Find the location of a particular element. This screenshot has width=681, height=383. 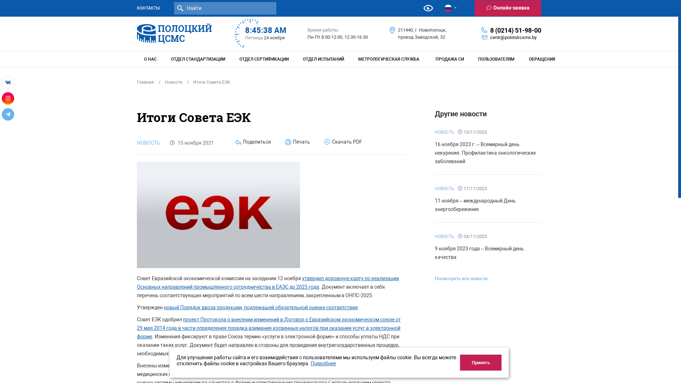

'8 (0214) 51-98-00' is located at coordinates (516, 29).